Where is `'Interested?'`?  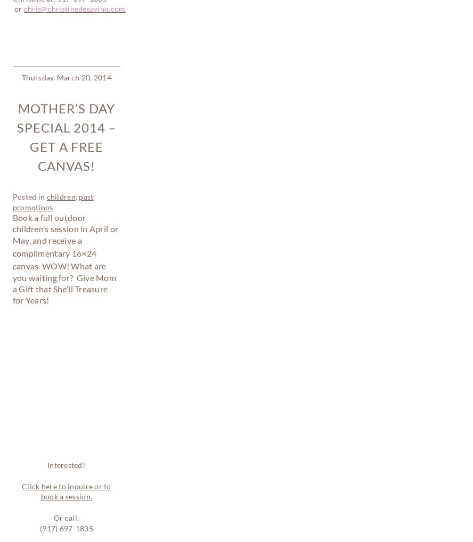
'Interested?' is located at coordinates (46, 145).